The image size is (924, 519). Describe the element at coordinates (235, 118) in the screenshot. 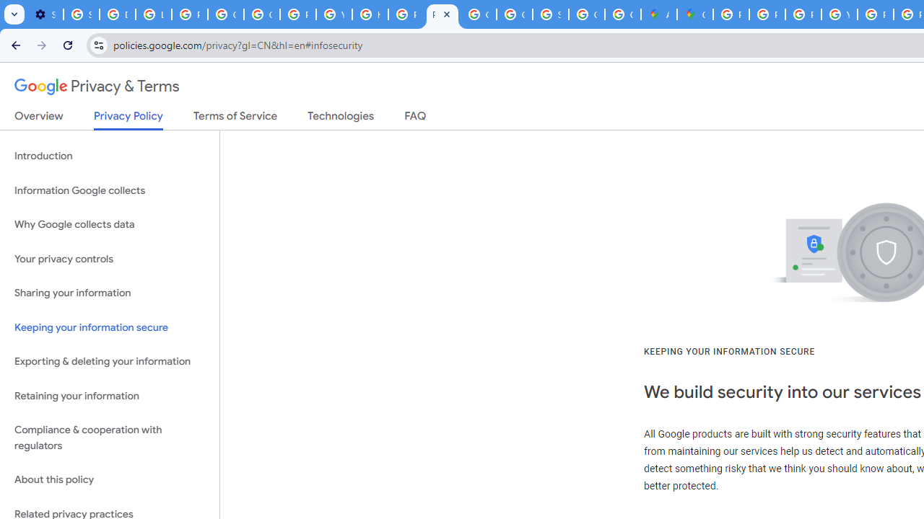

I see `'Terms of Service'` at that location.